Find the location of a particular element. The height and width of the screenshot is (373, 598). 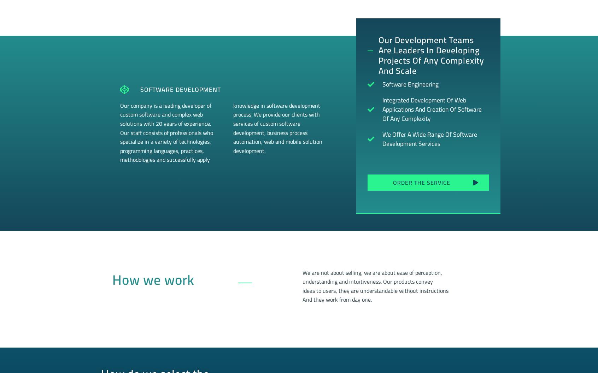

'Software Engineering' is located at coordinates (382, 83).